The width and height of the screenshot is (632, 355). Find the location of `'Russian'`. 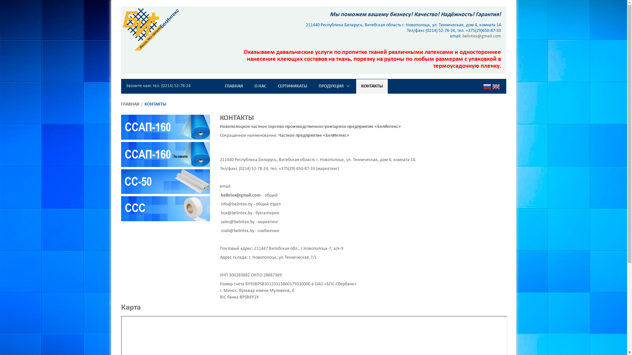

'Russian' is located at coordinates (487, 87).